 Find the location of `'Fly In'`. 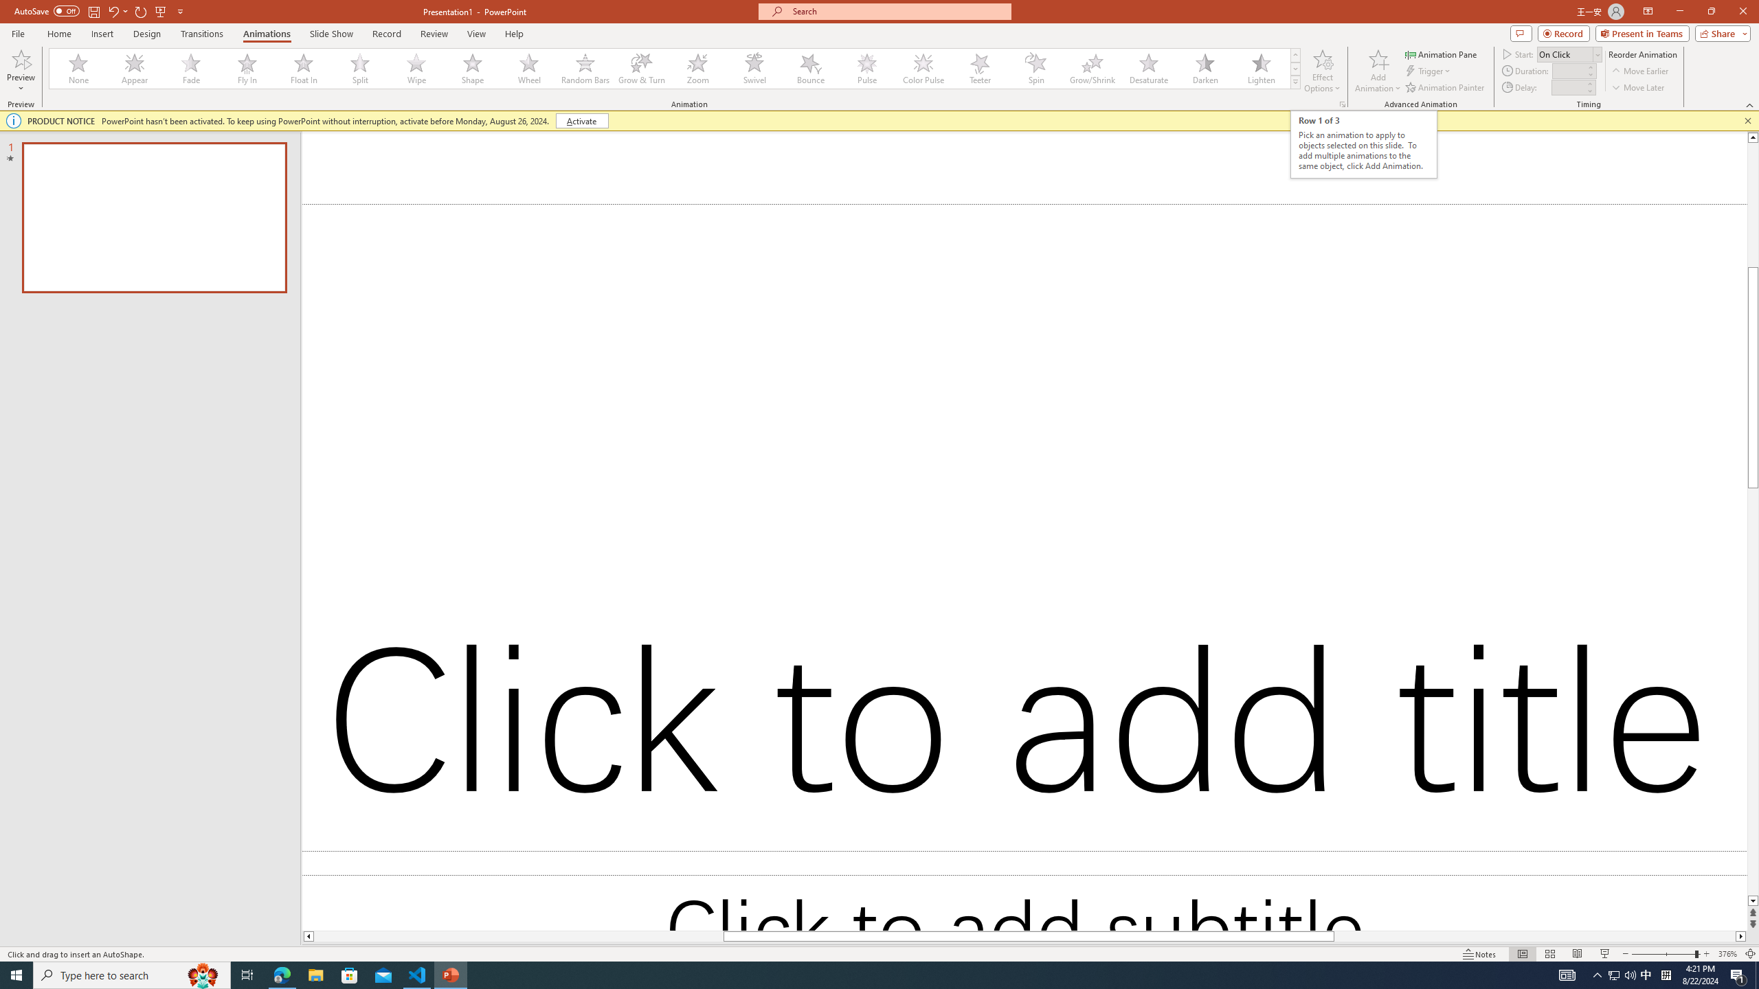

'Fly In' is located at coordinates (247, 68).